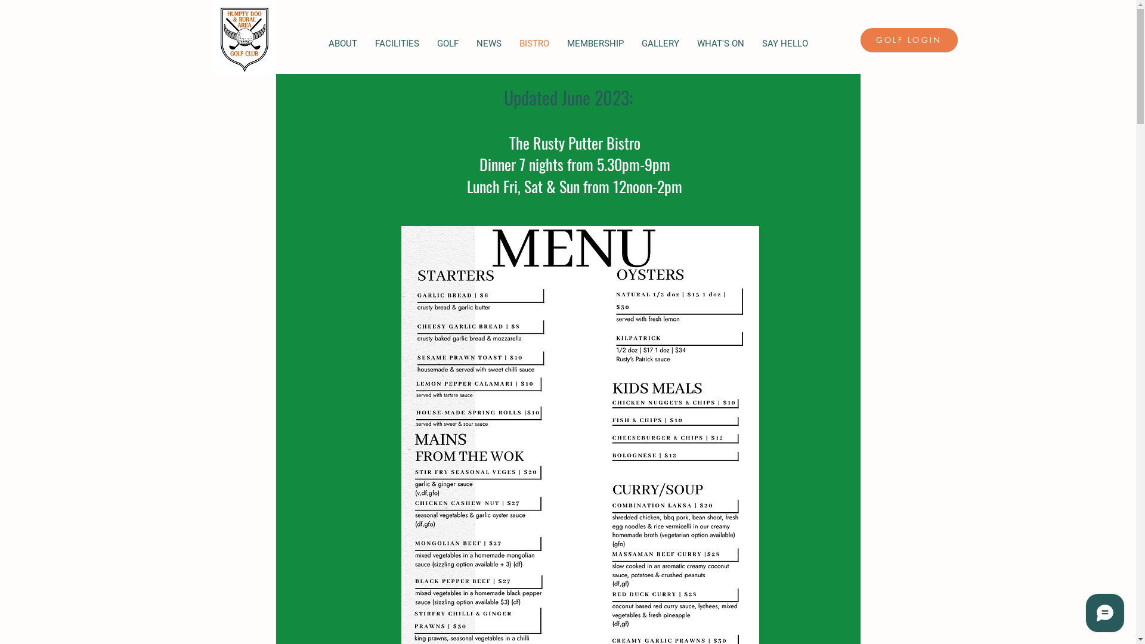  Describe the element at coordinates (720, 43) in the screenshot. I see `'WHAT'S ON'` at that location.